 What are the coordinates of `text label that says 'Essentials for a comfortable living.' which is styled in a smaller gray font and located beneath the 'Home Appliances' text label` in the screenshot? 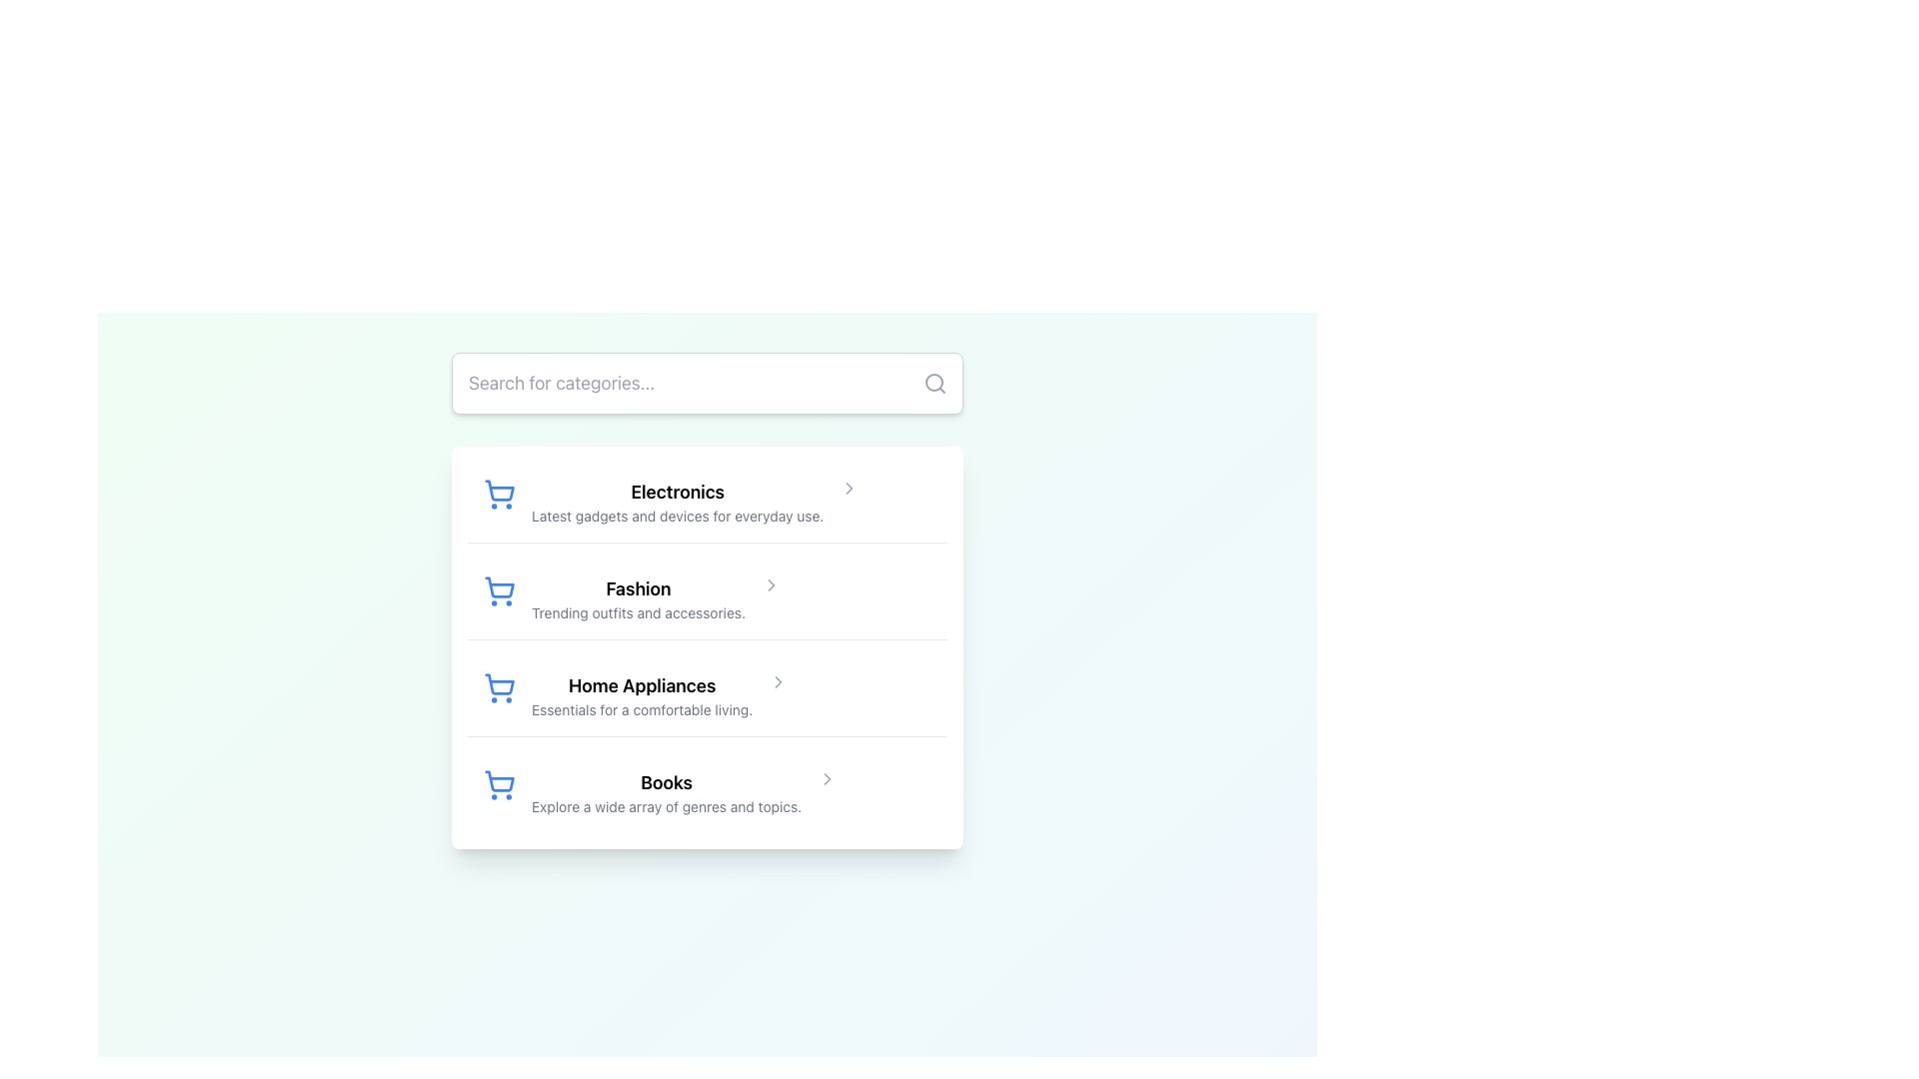 It's located at (642, 708).